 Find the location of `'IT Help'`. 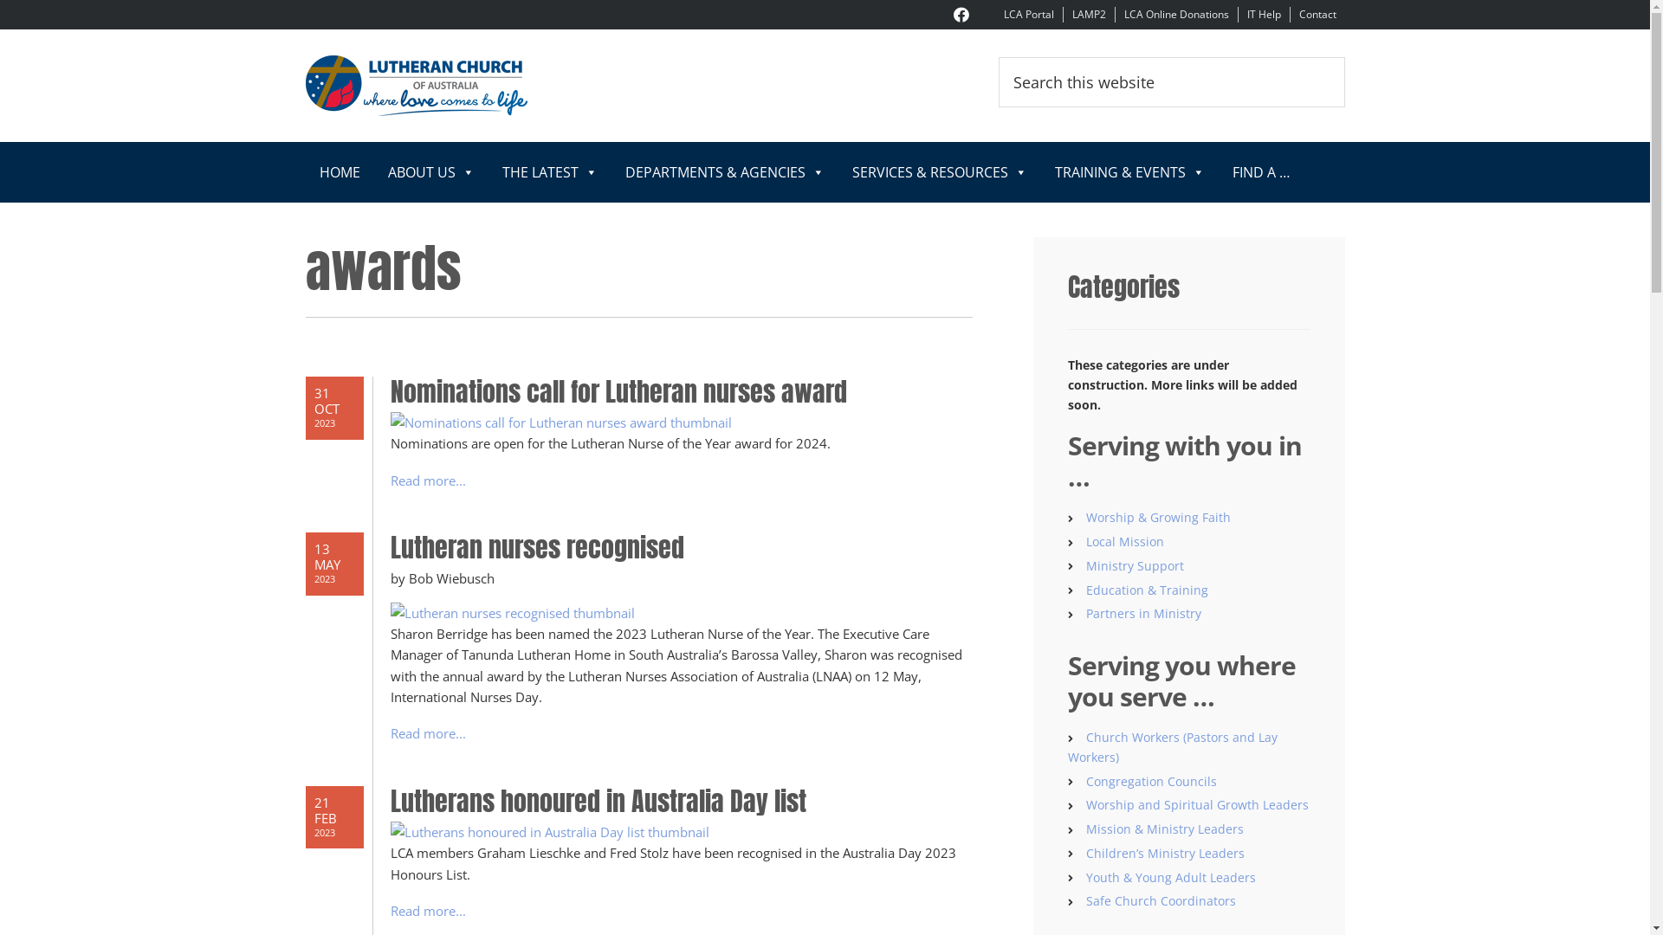

'IT Help' is located at coordinates (1264, 14).